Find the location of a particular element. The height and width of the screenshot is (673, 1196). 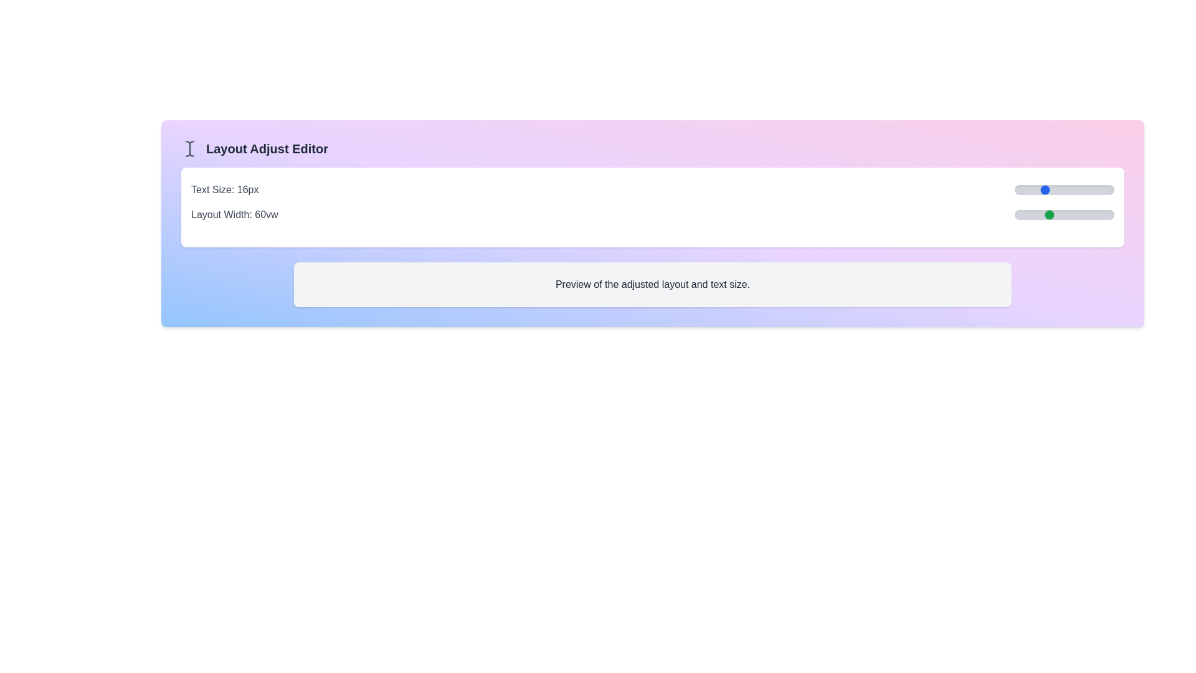

the text size is located at coordinates (1060, 189).